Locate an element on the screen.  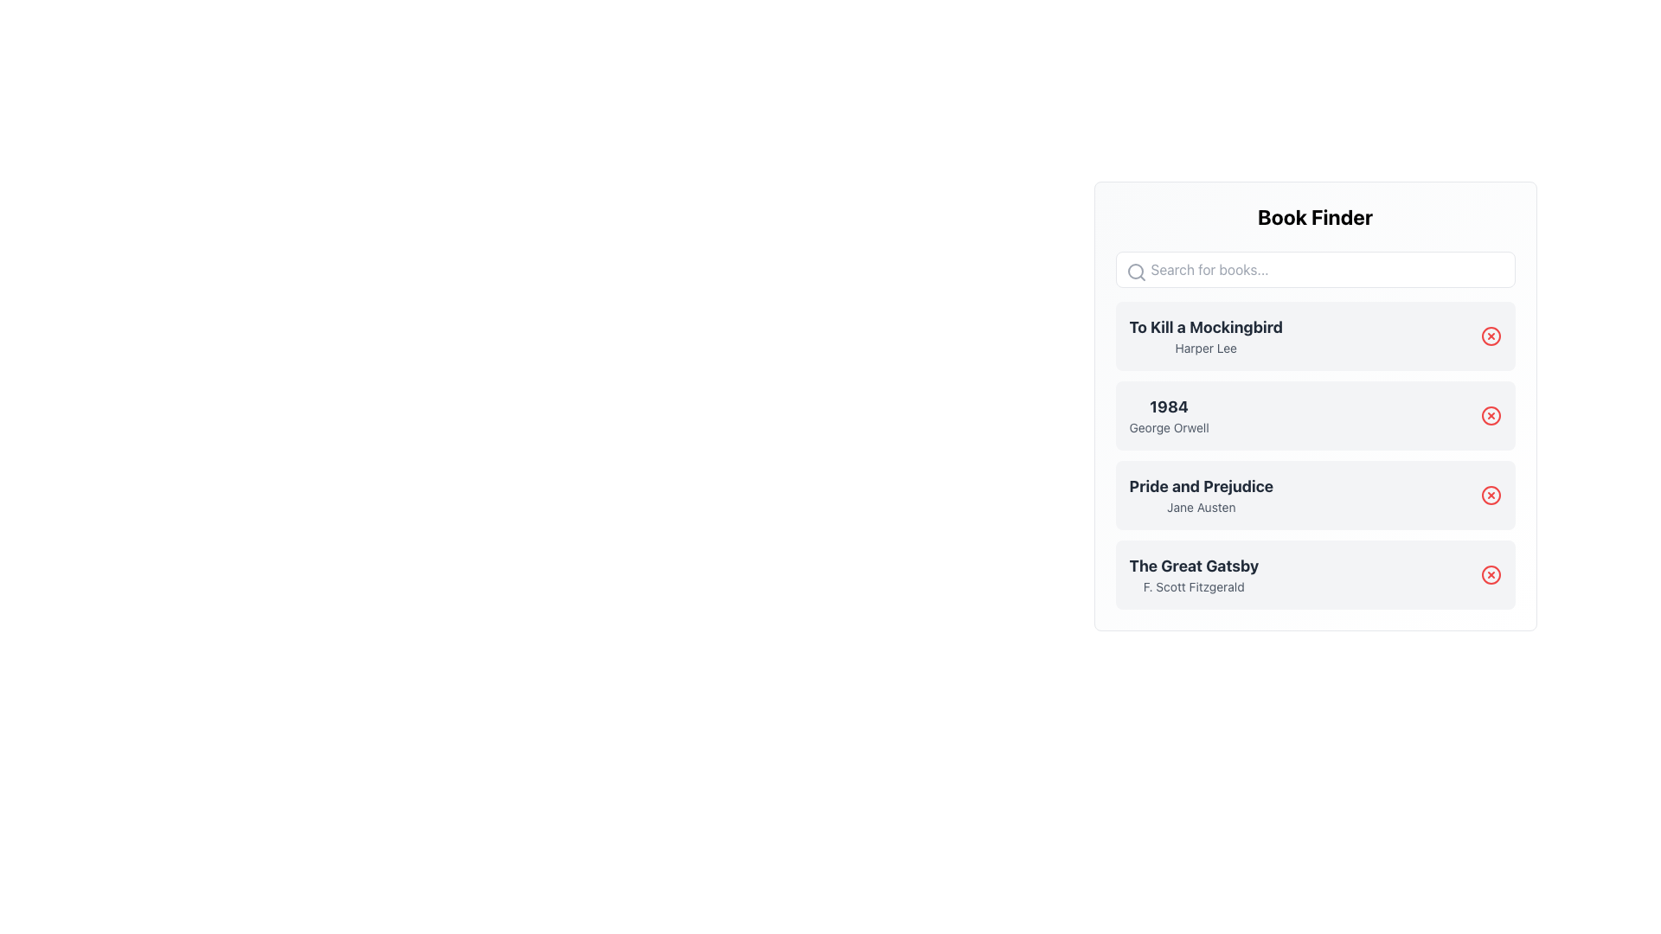
the static text element that represents the author of the book 'Pride and Prejudice', which is positioned directly underneath the title is located at coordinates (1200, 506).